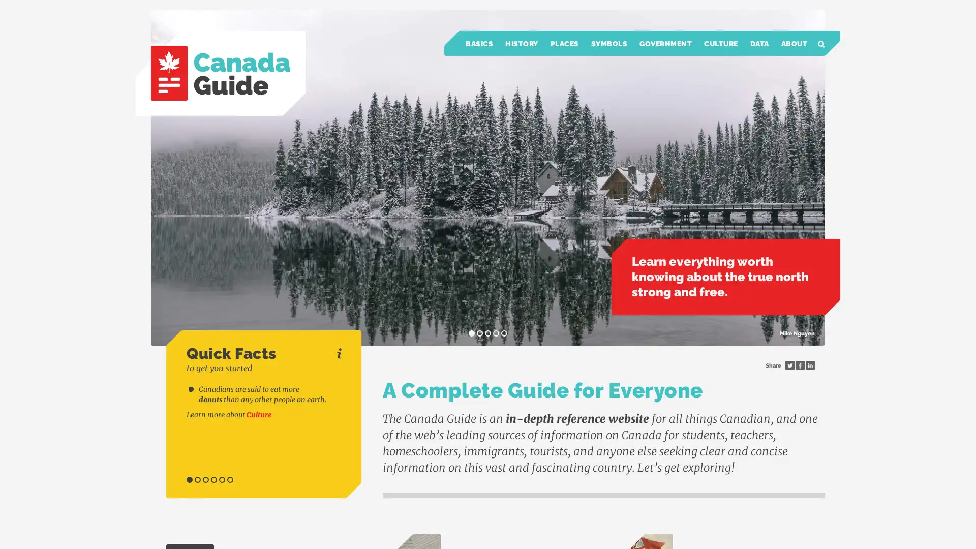 The width and height of the screenshot is (976, 549). I want to click on Go to slide 3, so click(205, 480).